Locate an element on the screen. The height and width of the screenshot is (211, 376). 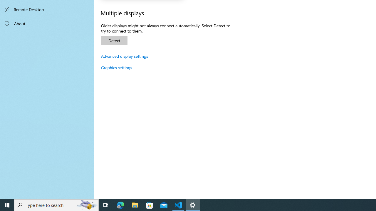
'Detect' is located at coordinates (114, 40).